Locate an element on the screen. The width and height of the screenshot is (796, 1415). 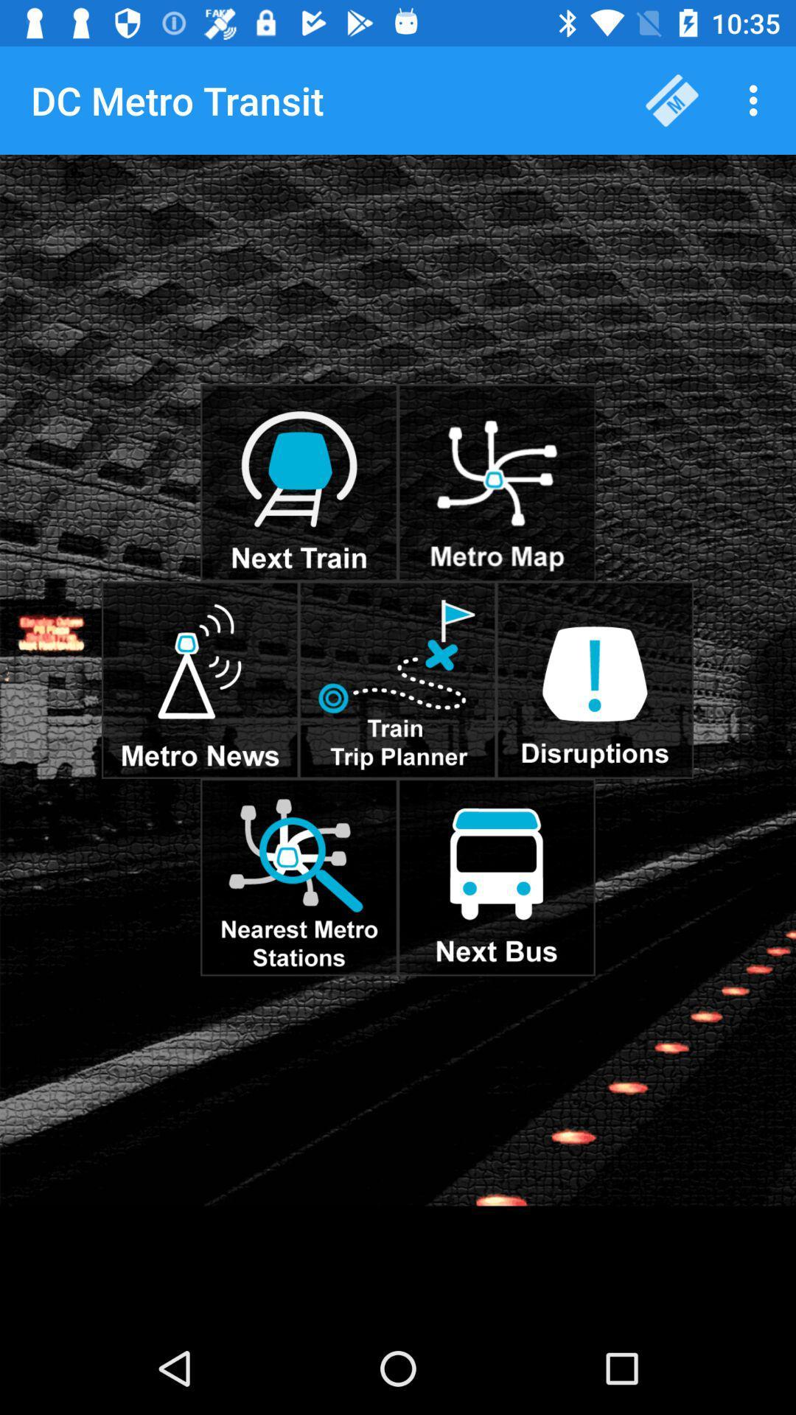
train trip planner is located at coordinates (397, 679).